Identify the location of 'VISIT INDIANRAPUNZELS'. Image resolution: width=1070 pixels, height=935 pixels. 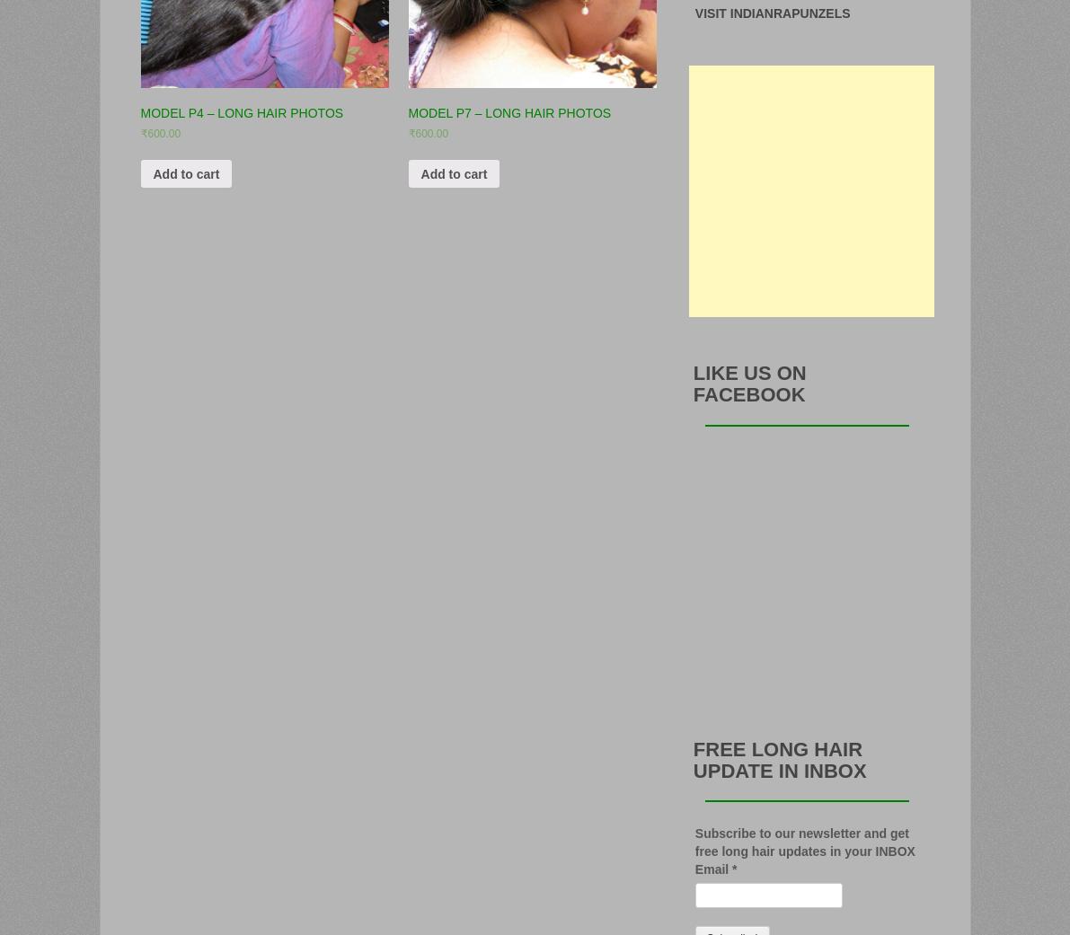
(694, 12).